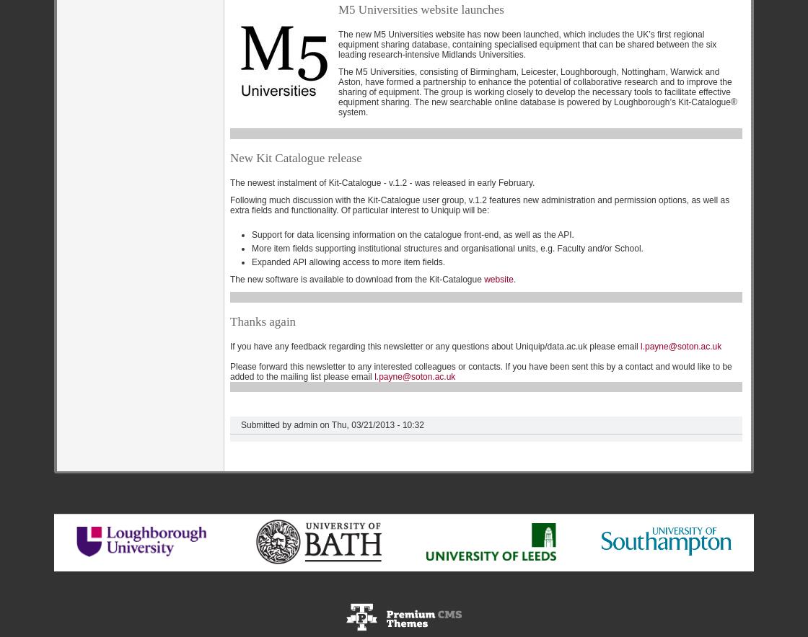  What do you see at coordinates (263, 321) in the screenshot?
I see `'Thanks again'` at bounding box center [263, 321].